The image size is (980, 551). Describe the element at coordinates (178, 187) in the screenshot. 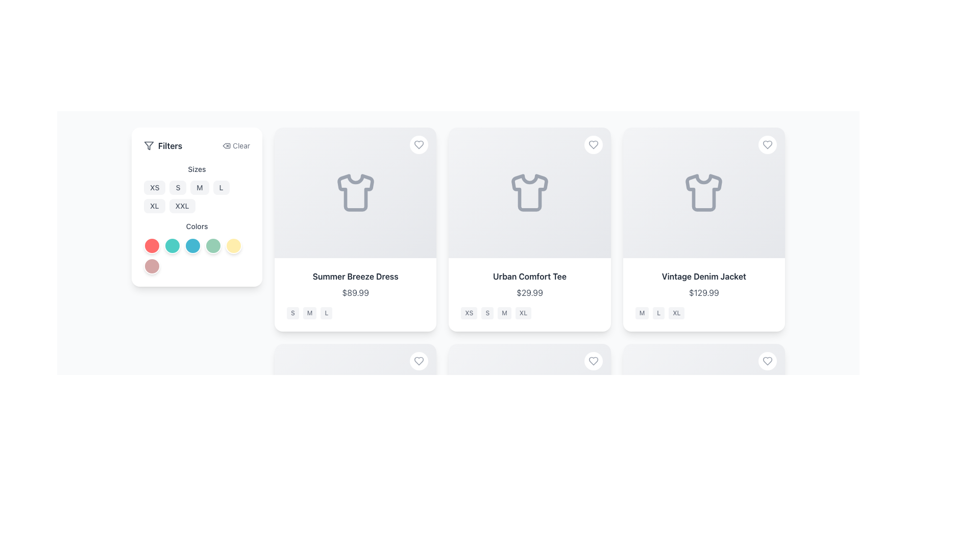

I see `the rounded rectangular button with the letter 'S'` at that location.